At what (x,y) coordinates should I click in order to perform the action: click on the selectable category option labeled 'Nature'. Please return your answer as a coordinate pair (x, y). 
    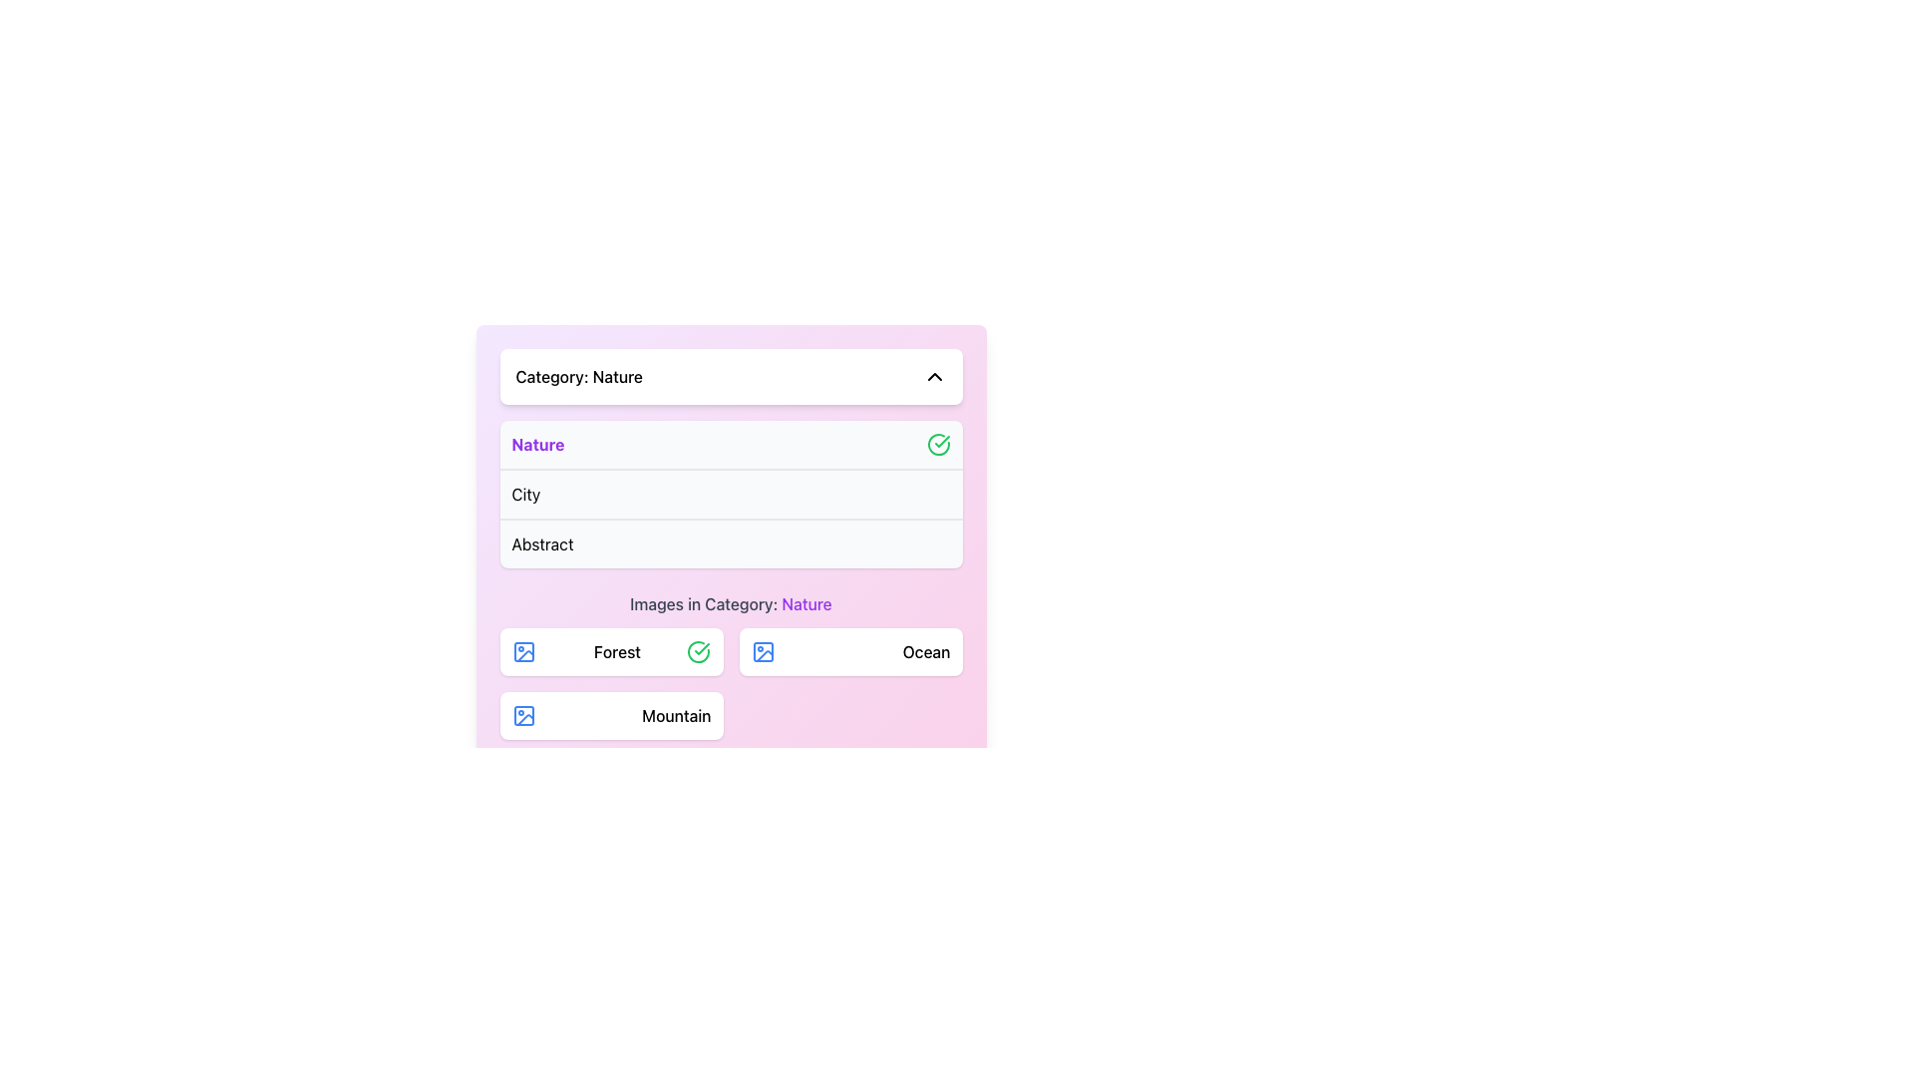
    Looking at the image, I should click on (730, 444).